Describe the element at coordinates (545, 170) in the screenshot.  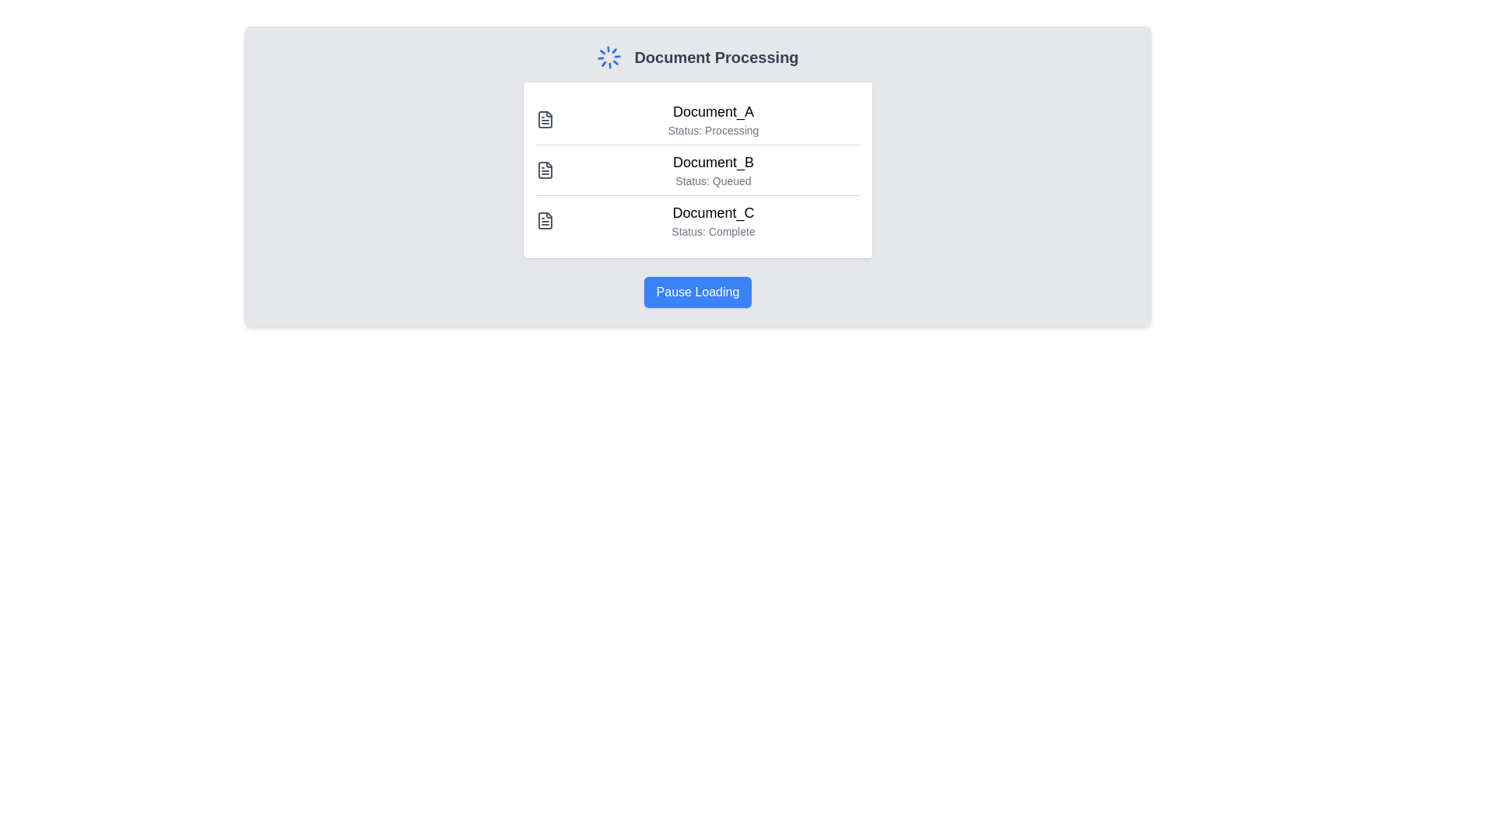
I see `the small file icon with a gray outline located to the left of the text 'Document B'` at that location.